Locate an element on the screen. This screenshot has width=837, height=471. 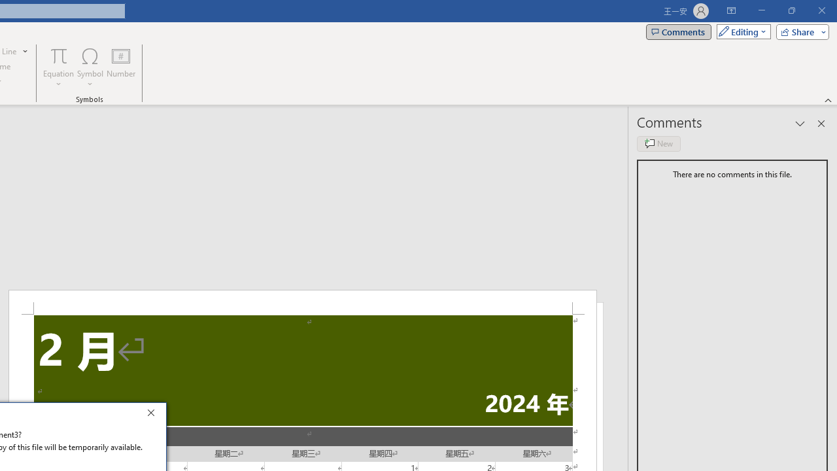
'Task Pane Options' is located at coordinates (800, 124).